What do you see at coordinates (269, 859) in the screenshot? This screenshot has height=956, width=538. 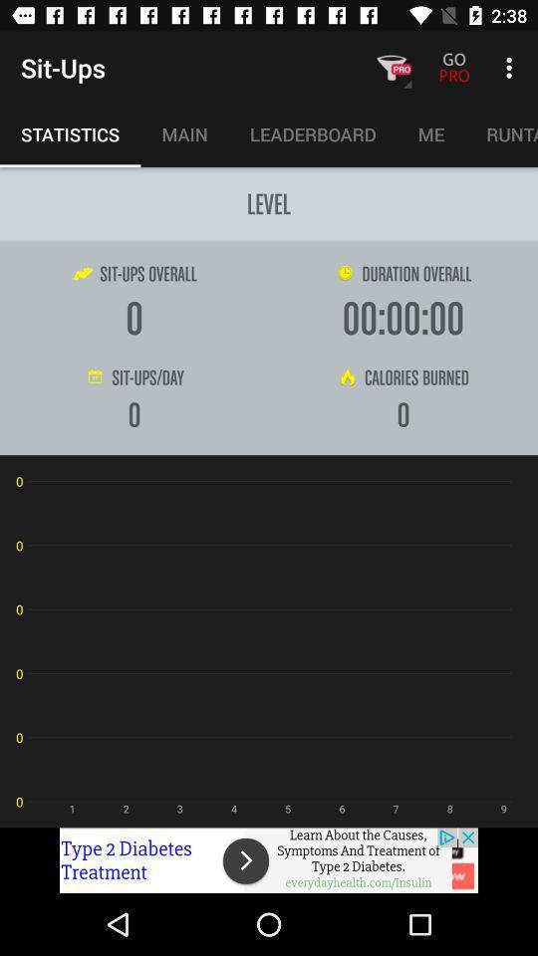 I see `advertising bar` at bounding box center [269, 859].